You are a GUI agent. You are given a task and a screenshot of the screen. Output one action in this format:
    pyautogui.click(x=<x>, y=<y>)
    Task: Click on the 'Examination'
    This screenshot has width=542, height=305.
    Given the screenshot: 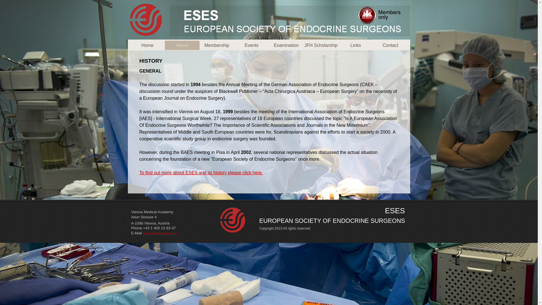 What is the action you would take?
    pyautogui.click(x=286, y=45)
    